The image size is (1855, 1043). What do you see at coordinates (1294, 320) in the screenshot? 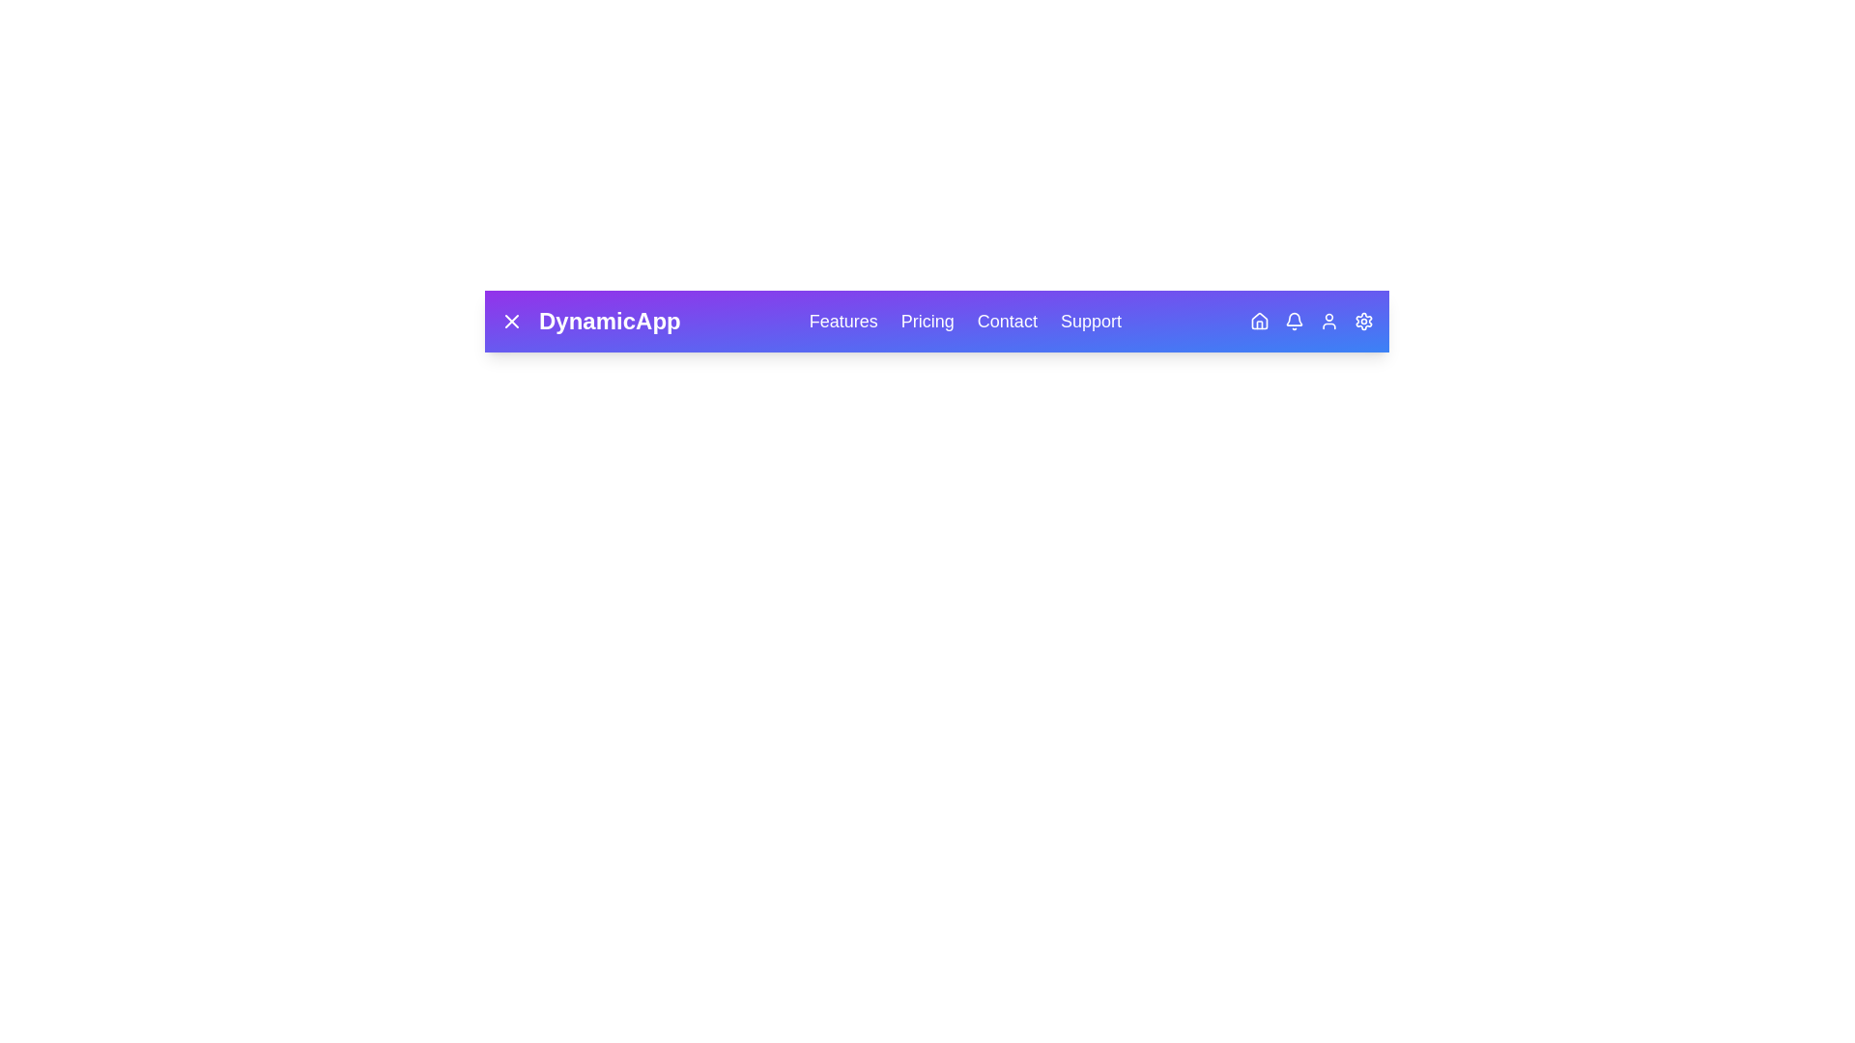
I see `the Notifications icon in the DynamicAppBar` at bounding box center [1294, 320].